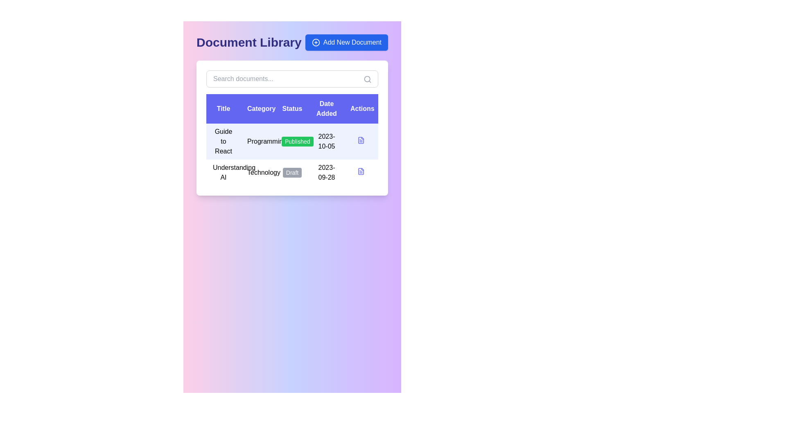  Describe the element at coordinates (361, 140) in the screenshot. I see `the Icon button resembling a document or file in the Actions column of the second row corresponding to the 'Understanding AI' entry` at that location.